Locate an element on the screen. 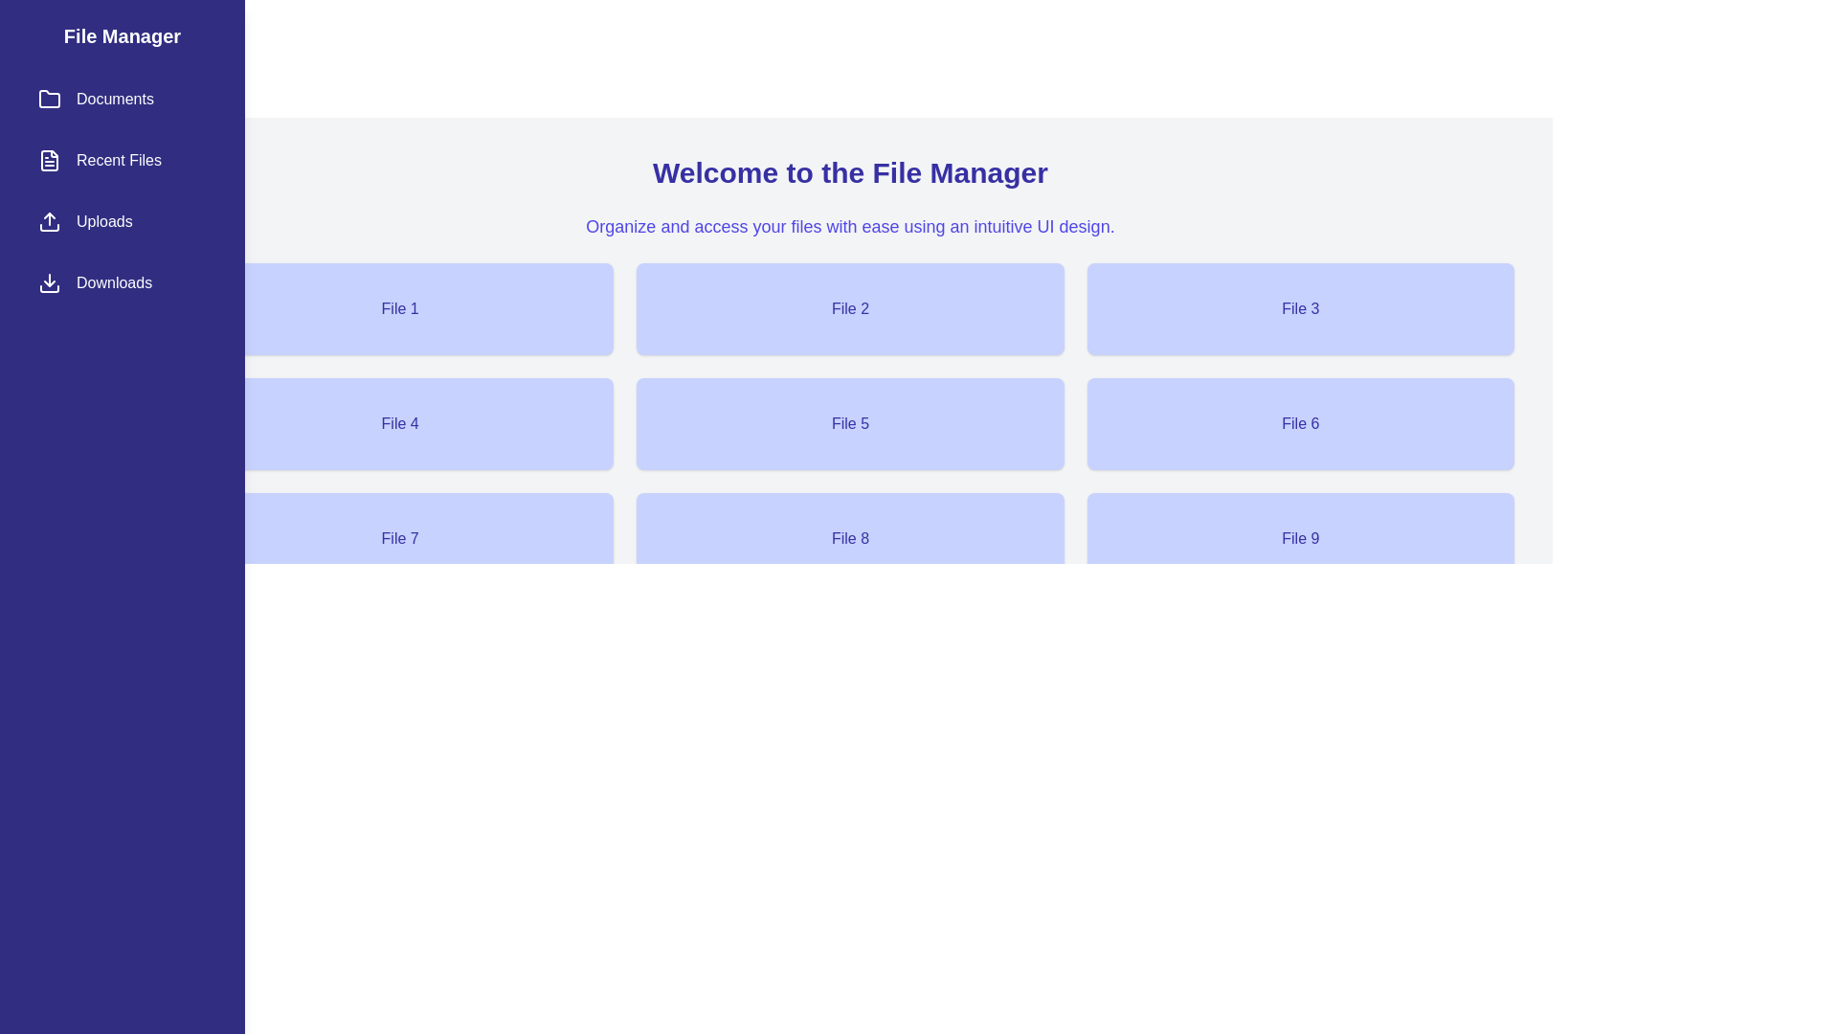  the sidebar menu item Recent Files to highlight it is located at coordinates (122, 160).